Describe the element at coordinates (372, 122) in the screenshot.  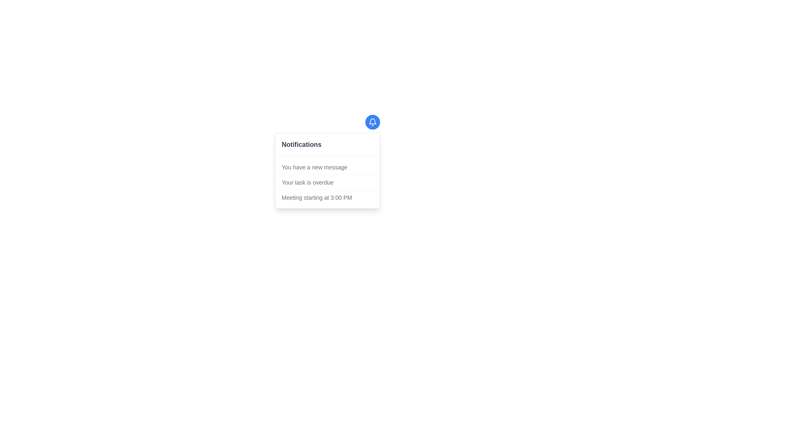
I see `the circular blue button with a white bell icon located at the top-right corner of the notification panel` at that location.